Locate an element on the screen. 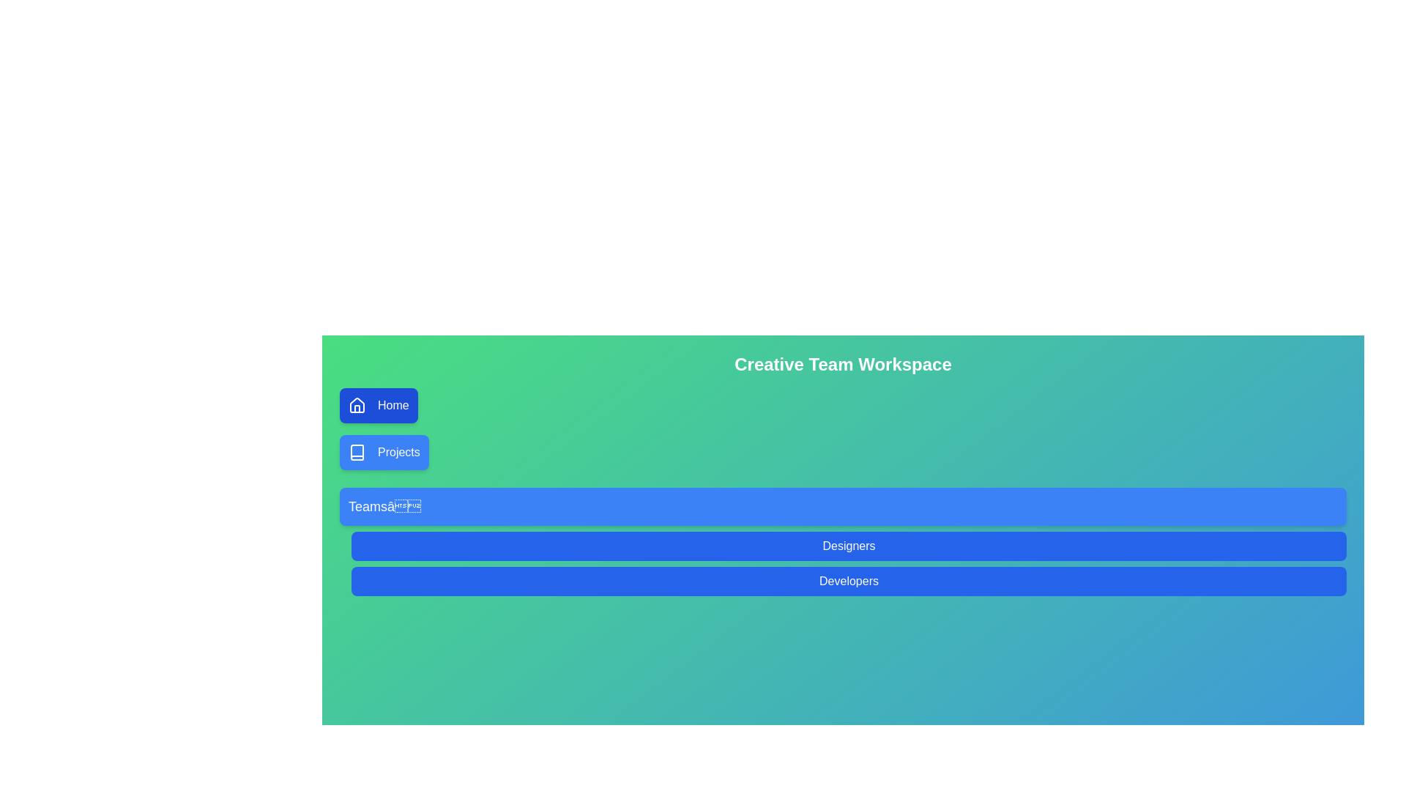  the 'Designers' label, which serves as an informational identifier for the Designers category, positioned above the 'Developers' label is located at coordinates (849, 546).